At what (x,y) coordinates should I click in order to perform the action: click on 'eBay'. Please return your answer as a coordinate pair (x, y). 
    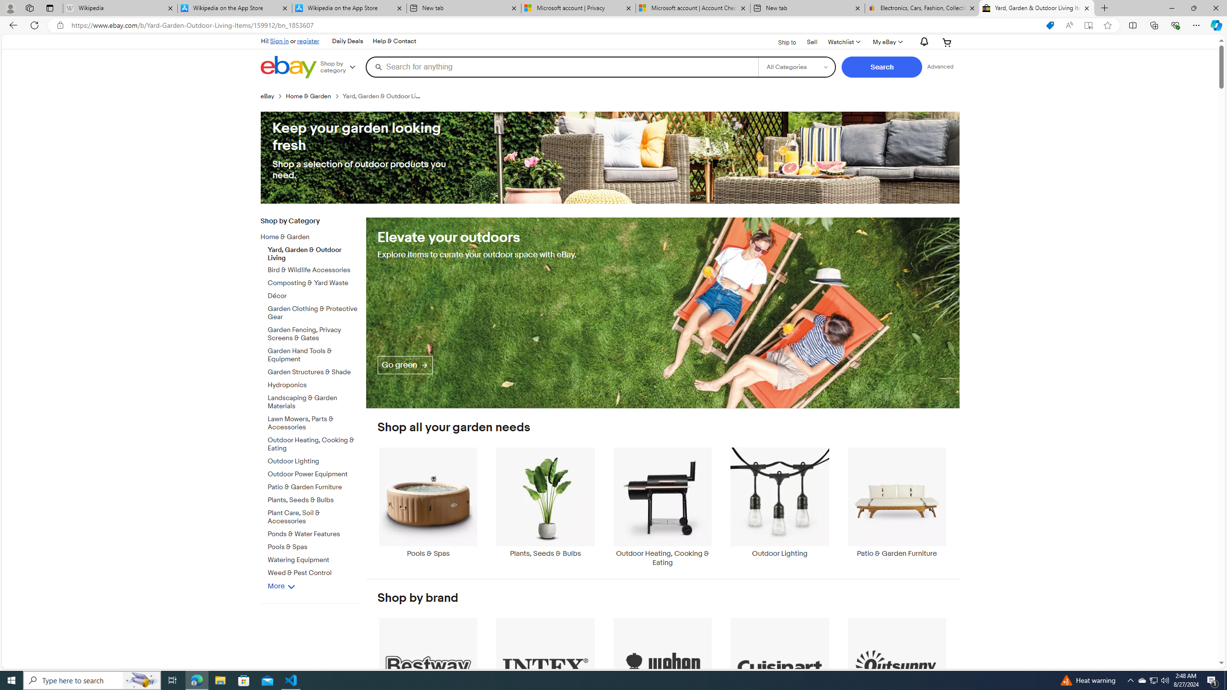
    Looking at the image, I should click on (267, 95).